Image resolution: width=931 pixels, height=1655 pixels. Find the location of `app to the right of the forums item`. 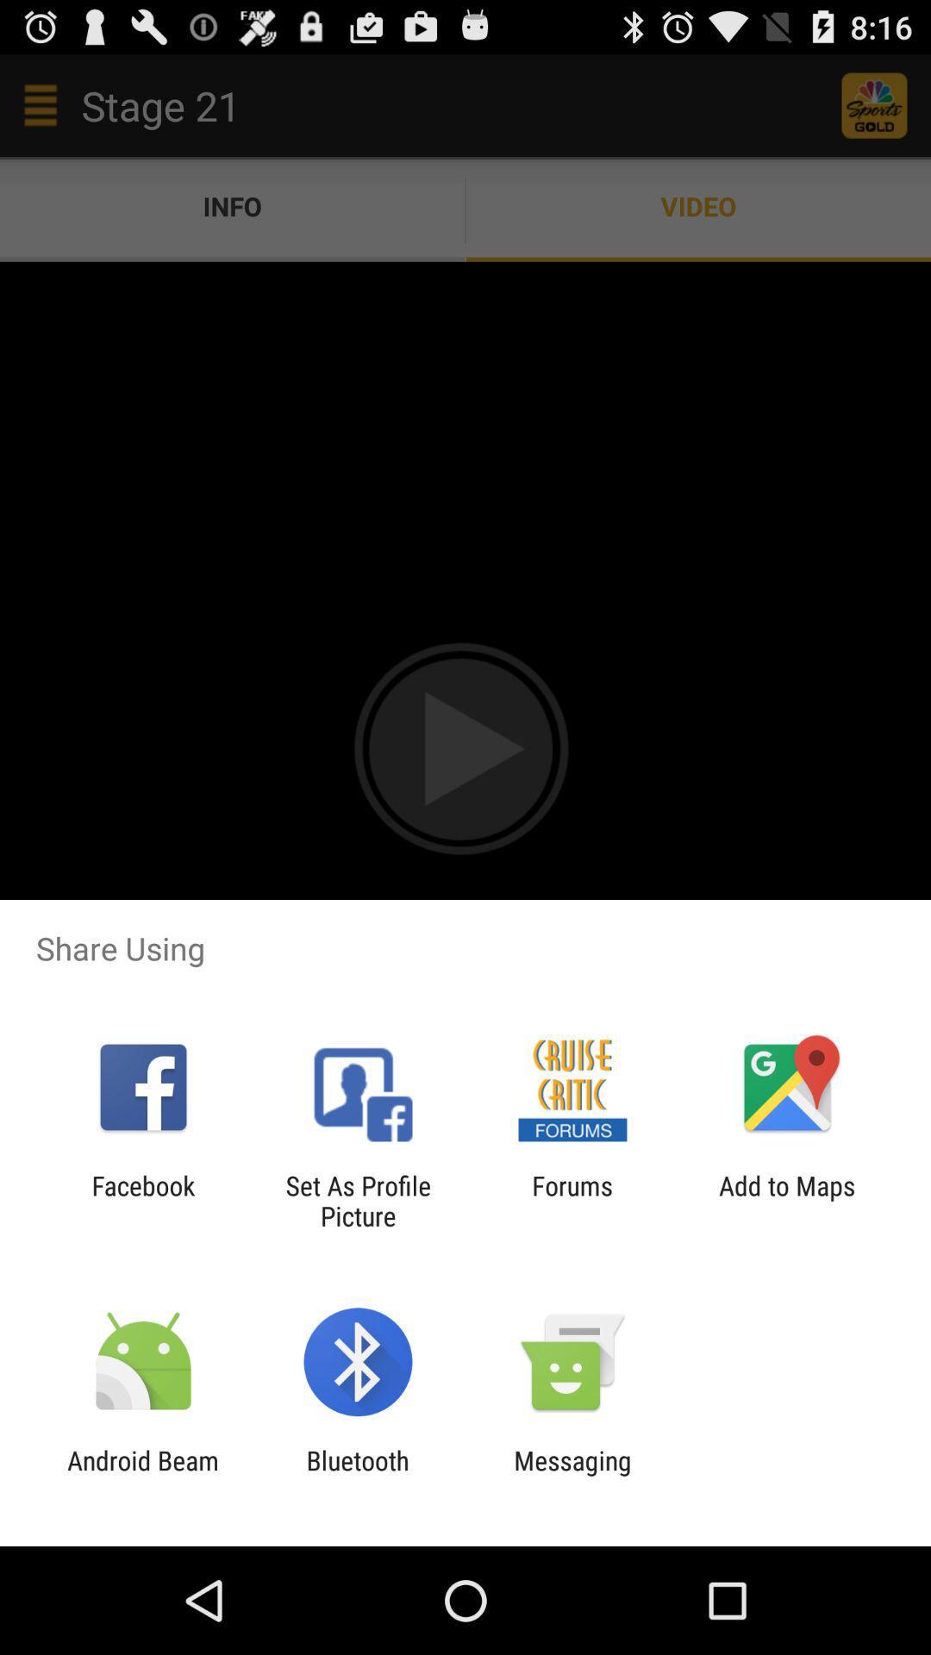

app to the right of the forums item is located at coordinates (787, 1200).